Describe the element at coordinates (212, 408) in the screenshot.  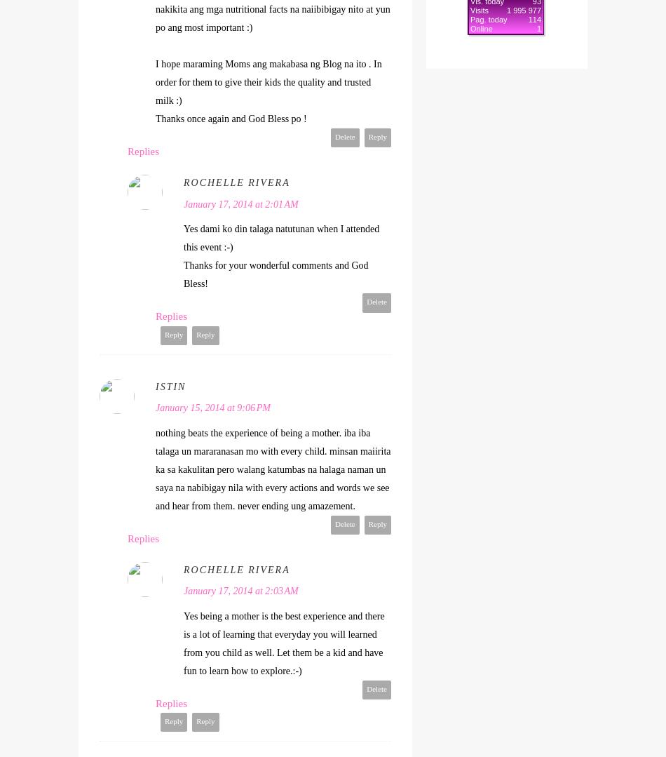
I see `'January 15, 2014 at 9:06 PM'` at that location.